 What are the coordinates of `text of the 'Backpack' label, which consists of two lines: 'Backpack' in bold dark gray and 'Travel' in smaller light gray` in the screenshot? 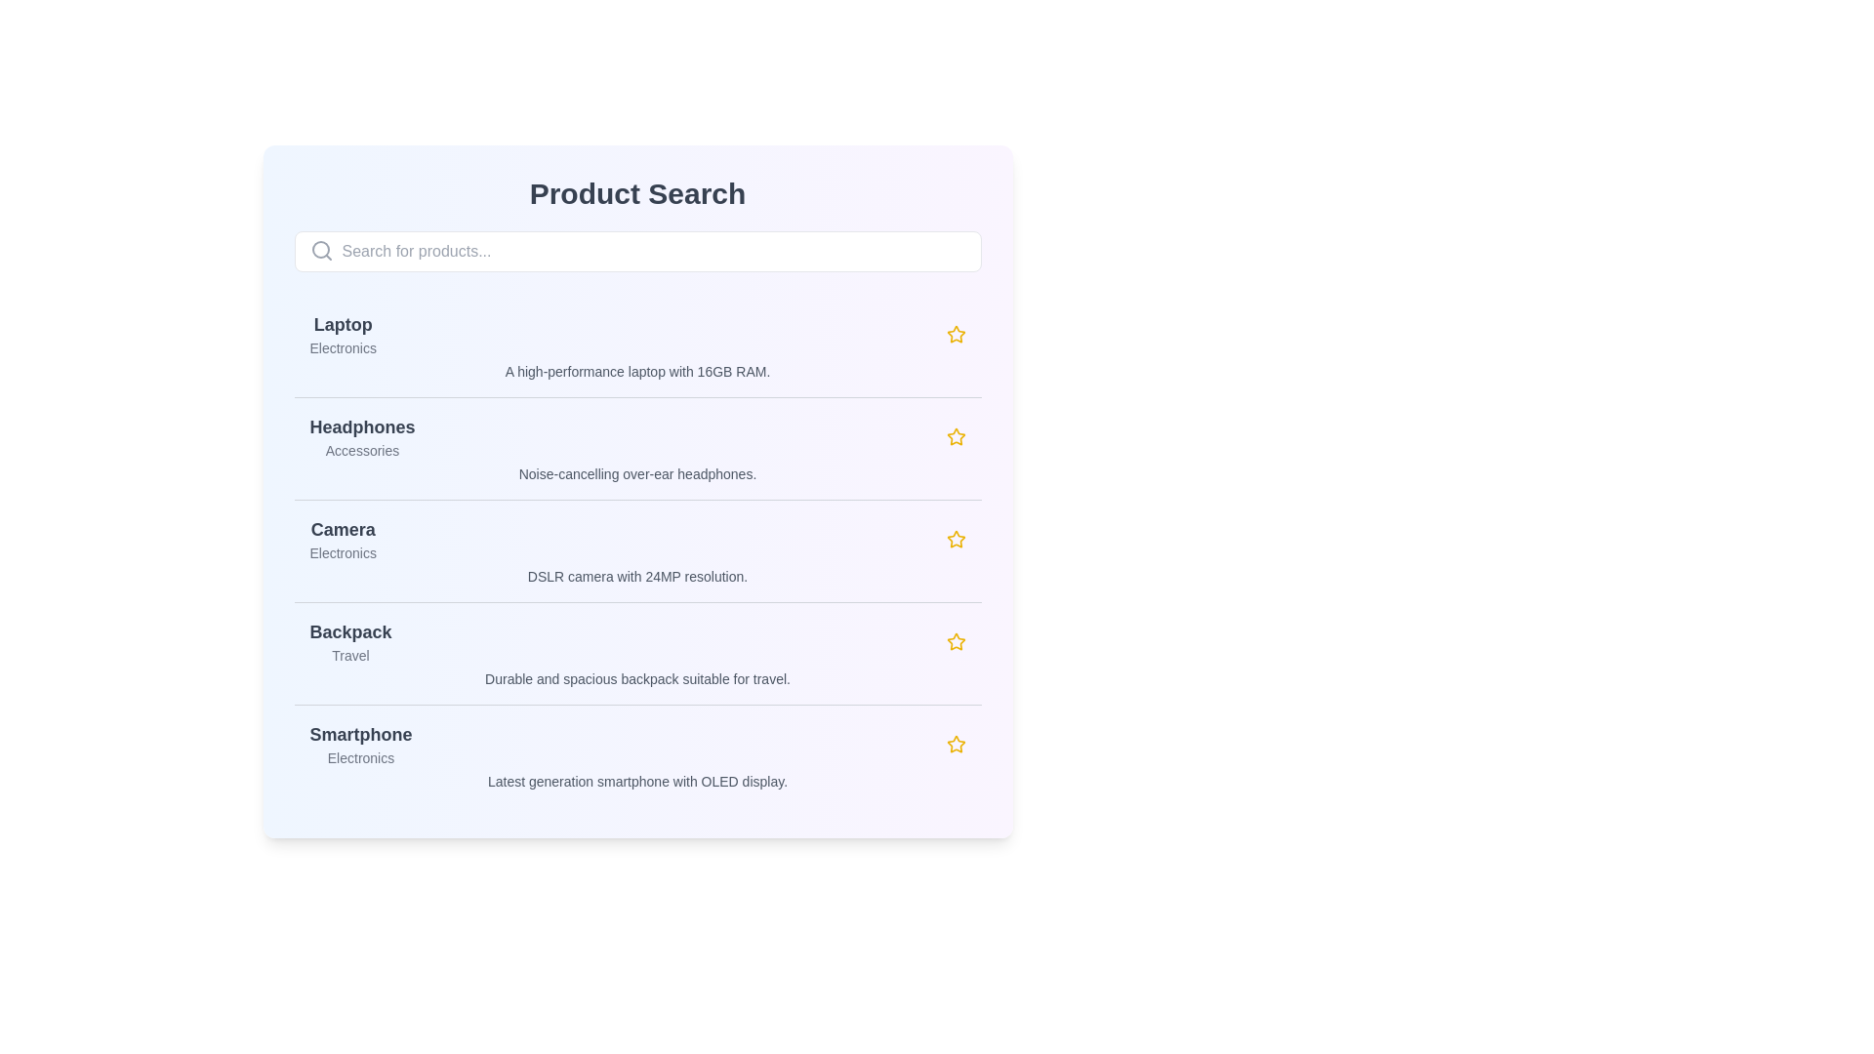 It's located at (350, 642).